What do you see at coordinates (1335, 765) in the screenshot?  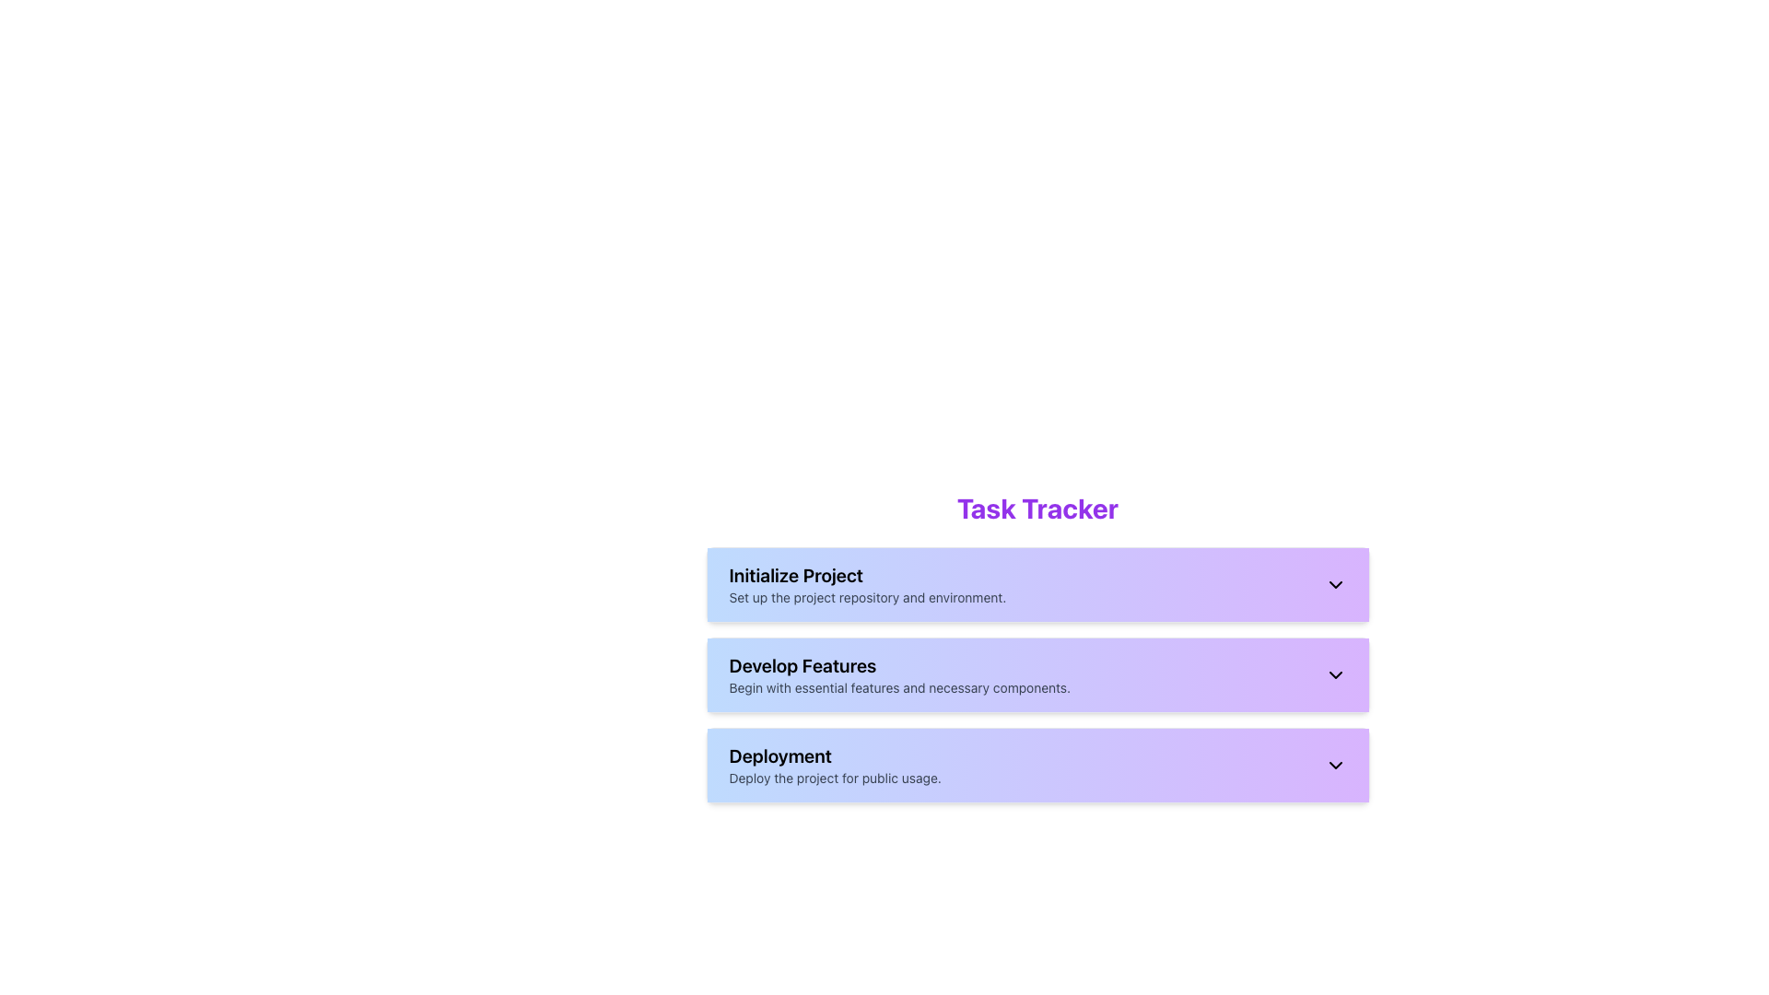 I see `the Chevron toggle indicator located in the 'Deployment' section` at bounding box center [1335, 765].